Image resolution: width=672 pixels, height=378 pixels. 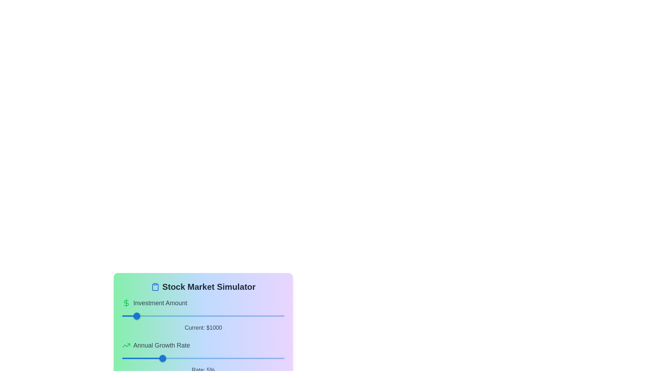 I want to click on the investment amount, so click(x=206, y=316).